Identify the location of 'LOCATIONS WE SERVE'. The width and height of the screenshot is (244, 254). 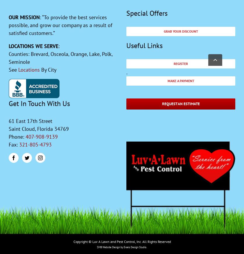
(33, 46).